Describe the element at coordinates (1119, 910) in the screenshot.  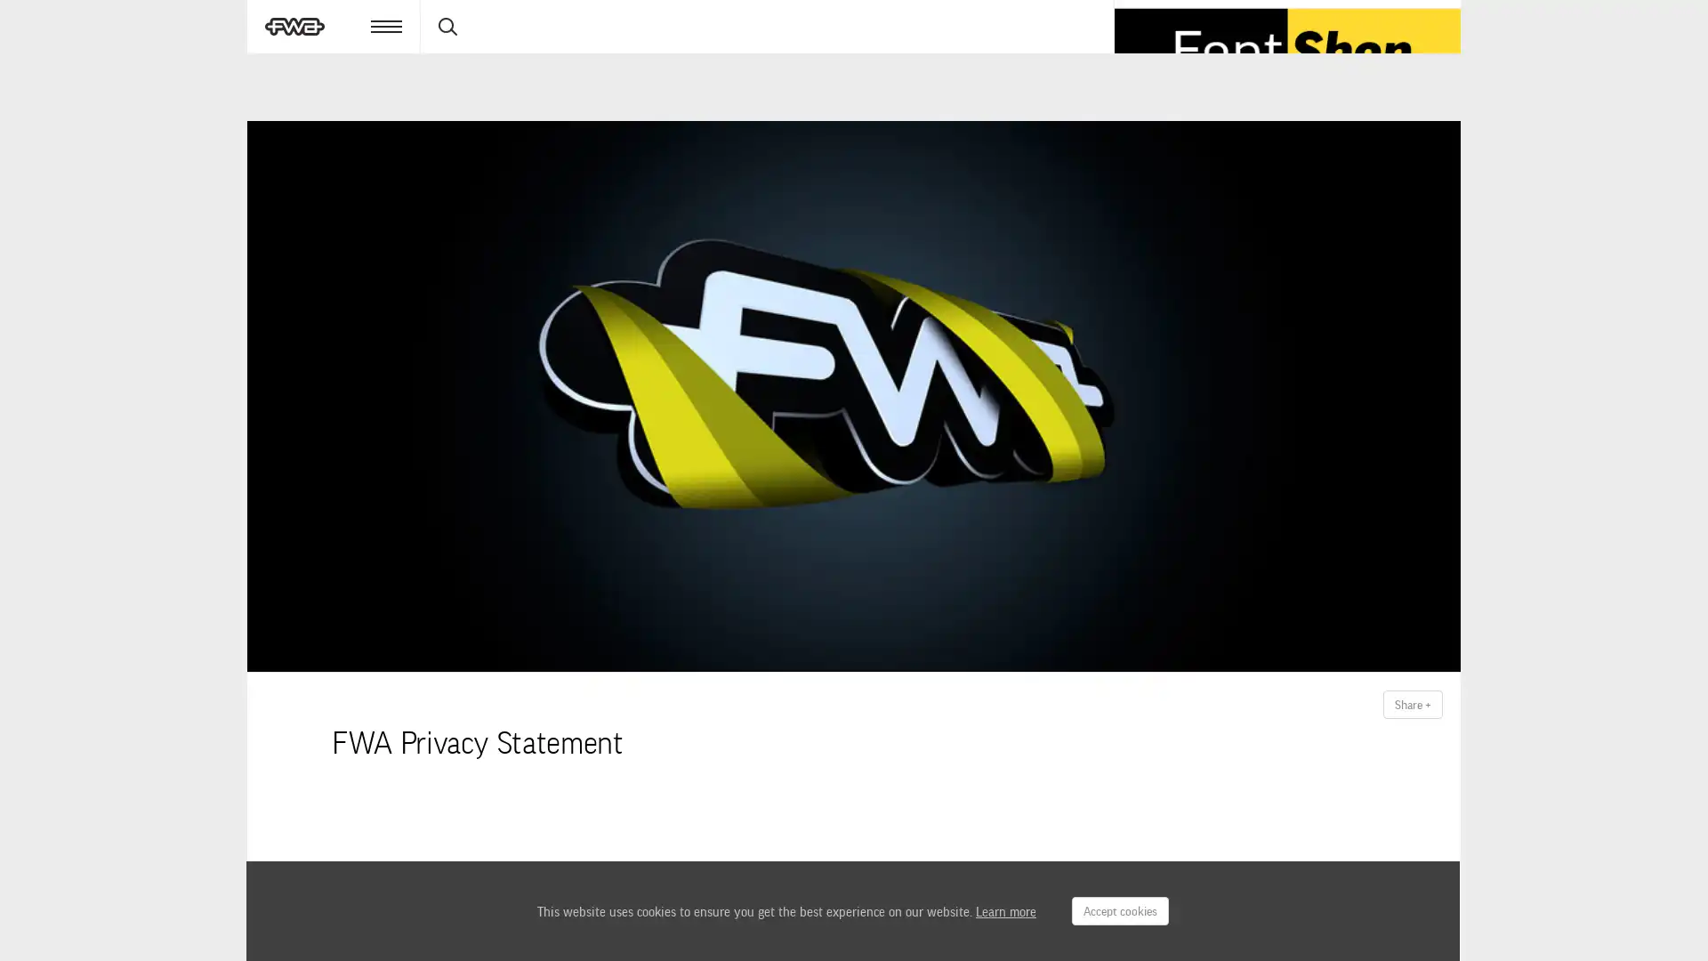
I see `Accept cookies` at that location.